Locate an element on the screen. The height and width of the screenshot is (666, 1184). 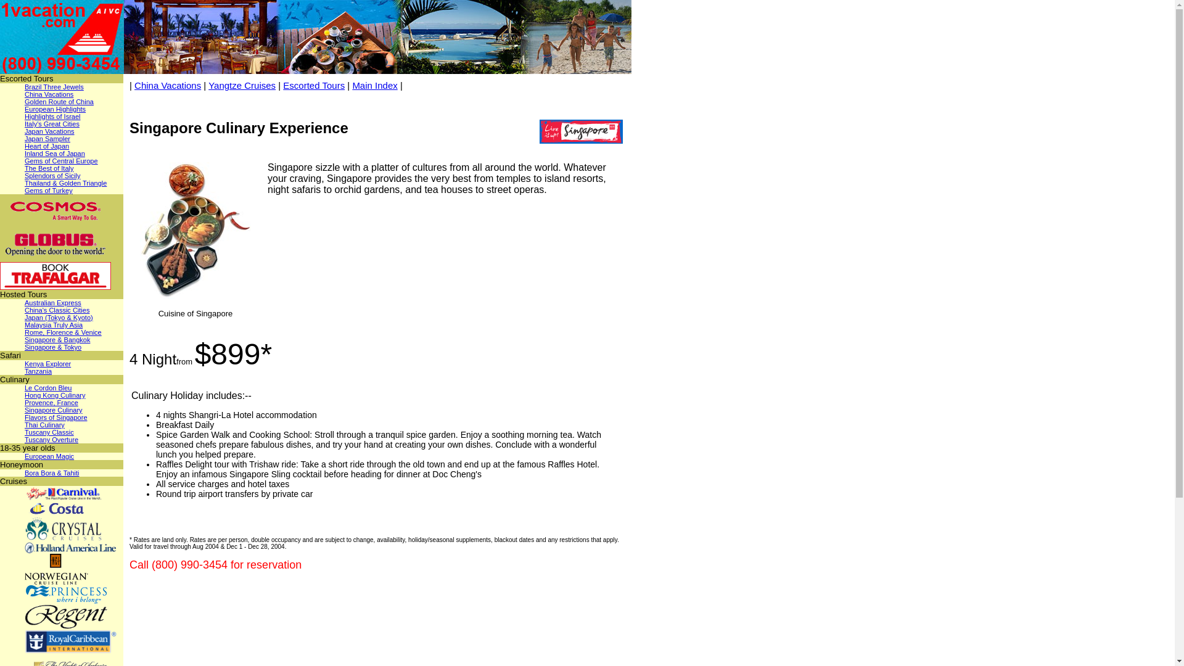
'European Magic' is located at coordinates (24, 456).